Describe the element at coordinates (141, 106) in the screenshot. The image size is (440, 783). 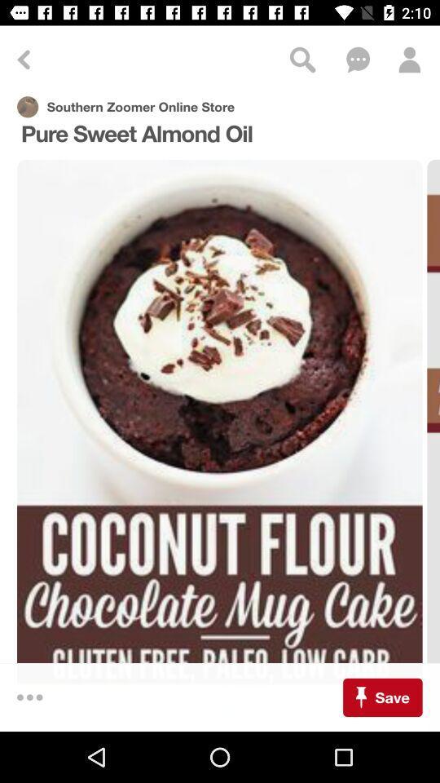
I see `the text above pure sweet almond oil` at that location.